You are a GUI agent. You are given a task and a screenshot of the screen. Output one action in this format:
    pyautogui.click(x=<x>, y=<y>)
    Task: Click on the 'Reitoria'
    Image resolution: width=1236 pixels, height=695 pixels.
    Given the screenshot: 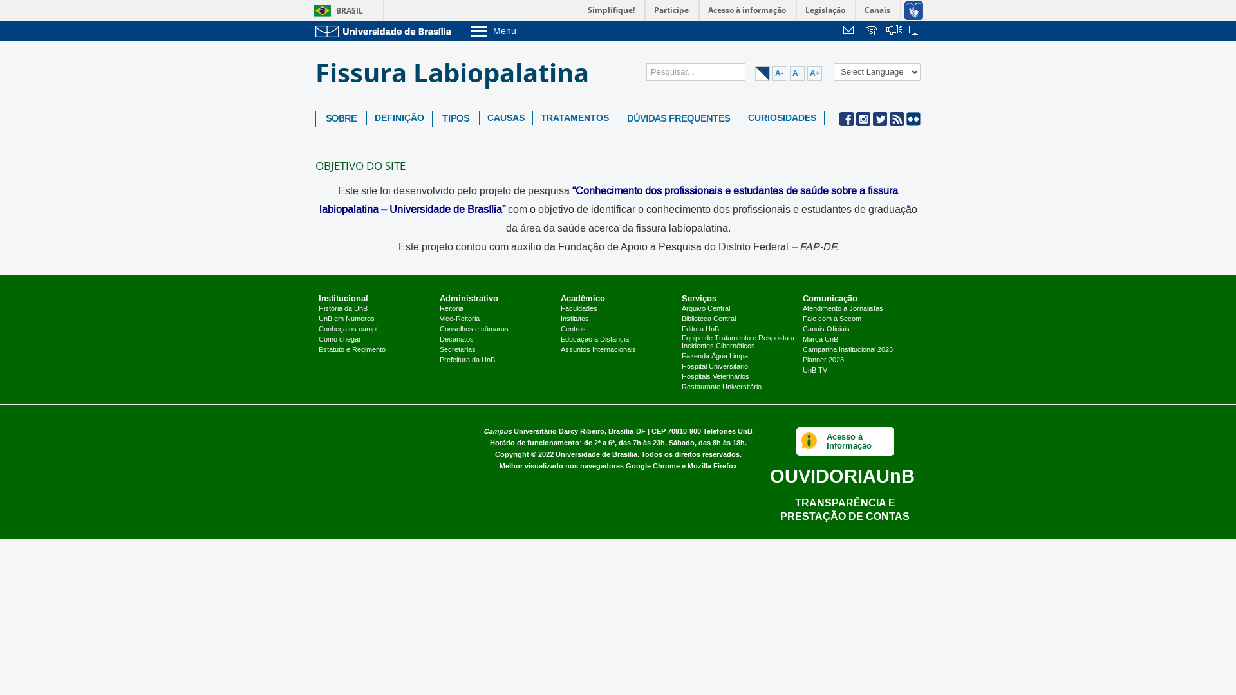 What is the action you would take?
    pyautogui.click(x=451, y=308)
    